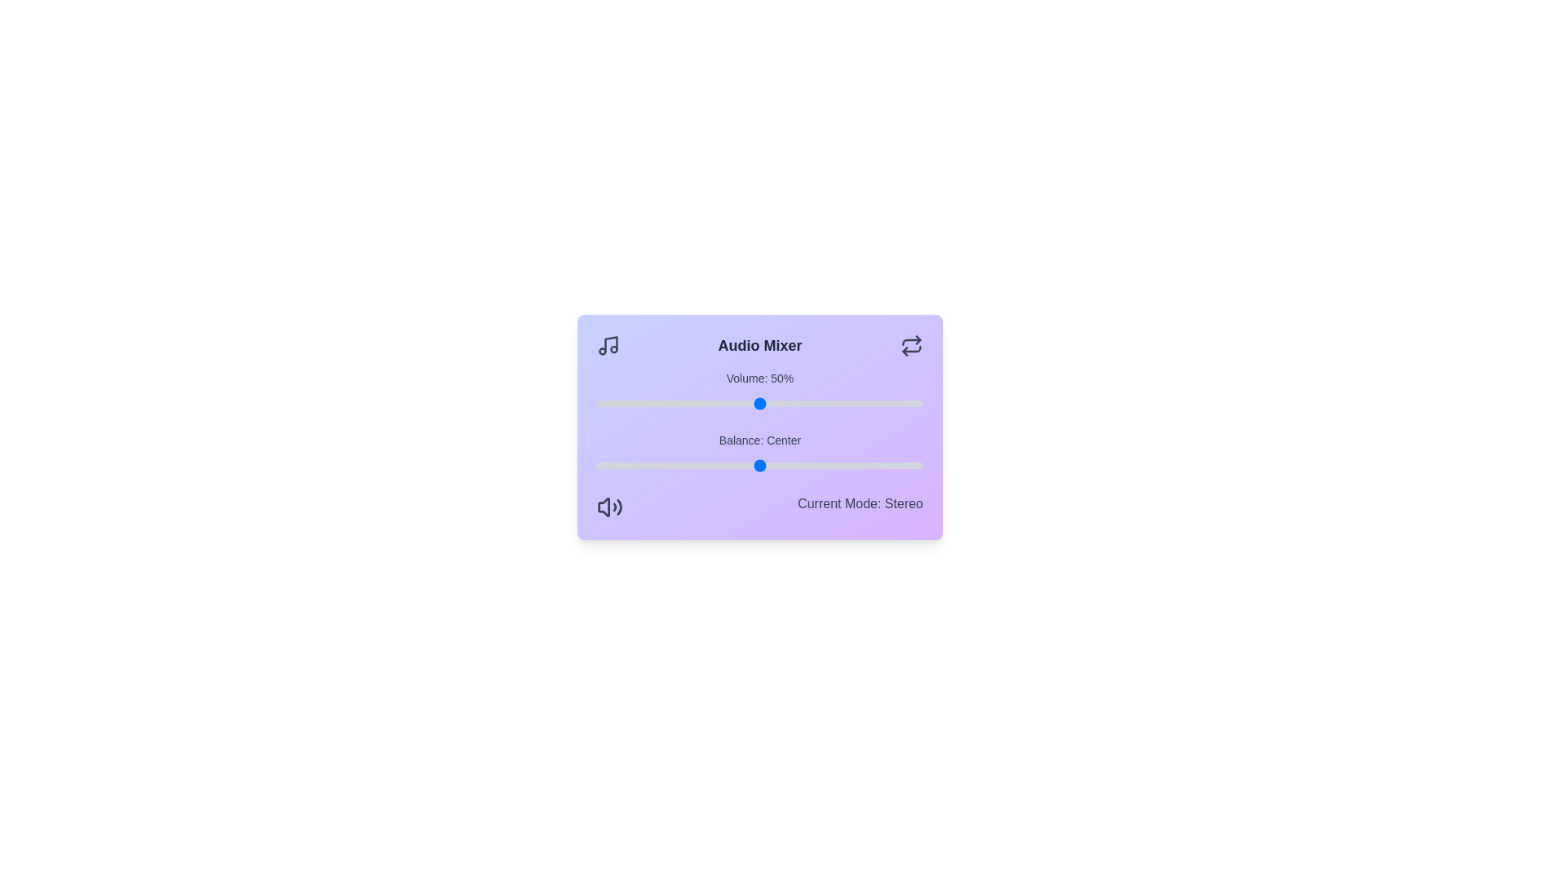 The height and width of the screenshot is (881, 1566). What do you see at coordinates (860, 506) in the screenshot?
I see `the text at the bottom of the component displaying the current mode description` at bounding box center [860, 506].